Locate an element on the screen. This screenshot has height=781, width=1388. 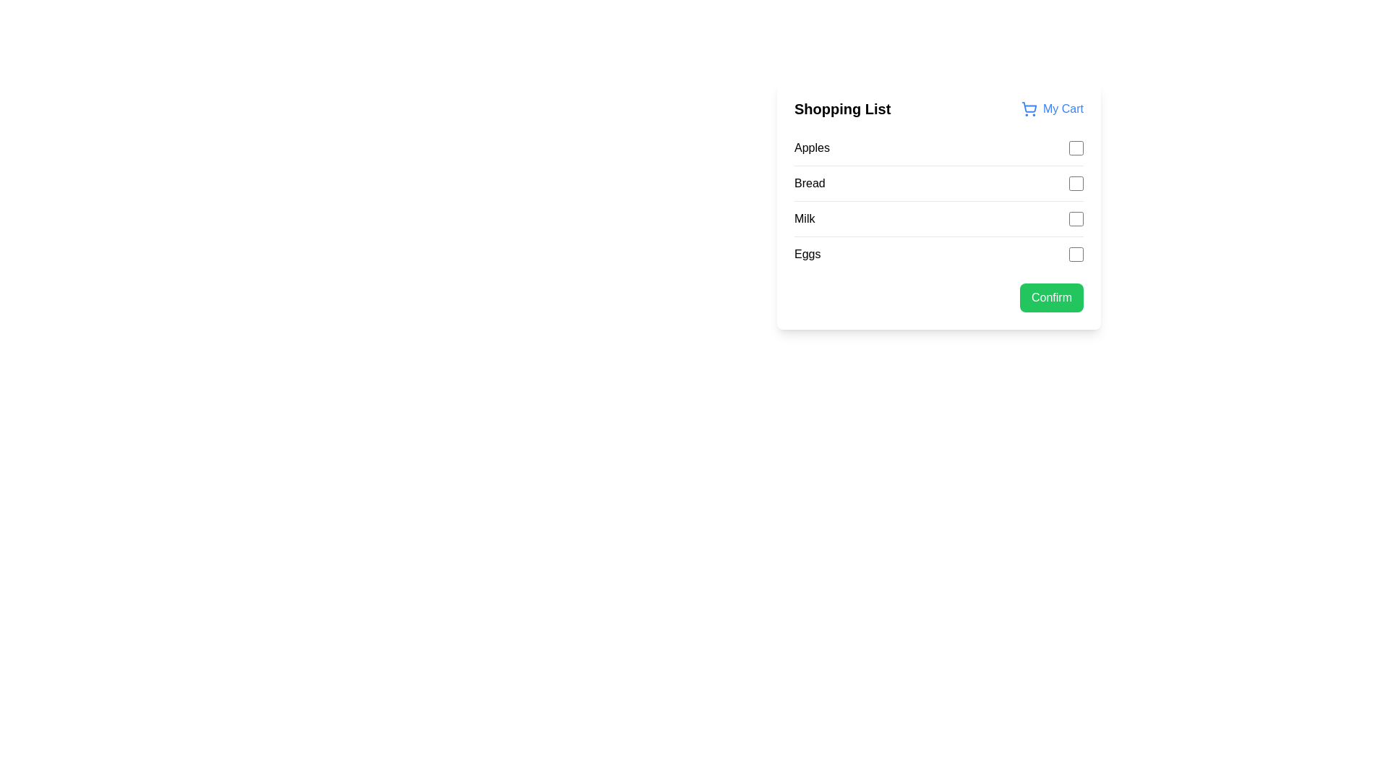
keyboard navigation is located at coordinates (1076, 148).